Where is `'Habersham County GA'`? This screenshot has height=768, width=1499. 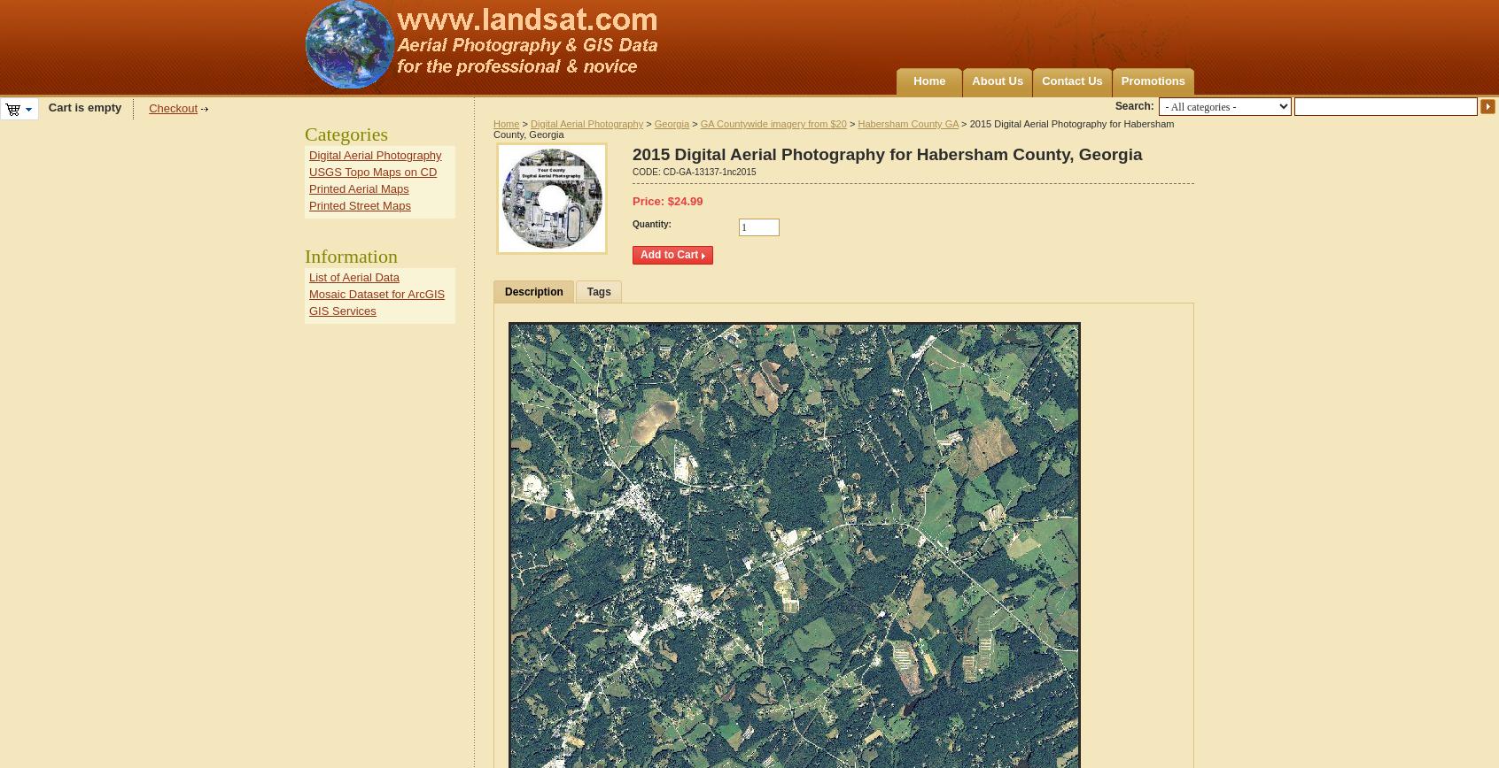
'Habersham County GA' is located at coordinates (907, 124).